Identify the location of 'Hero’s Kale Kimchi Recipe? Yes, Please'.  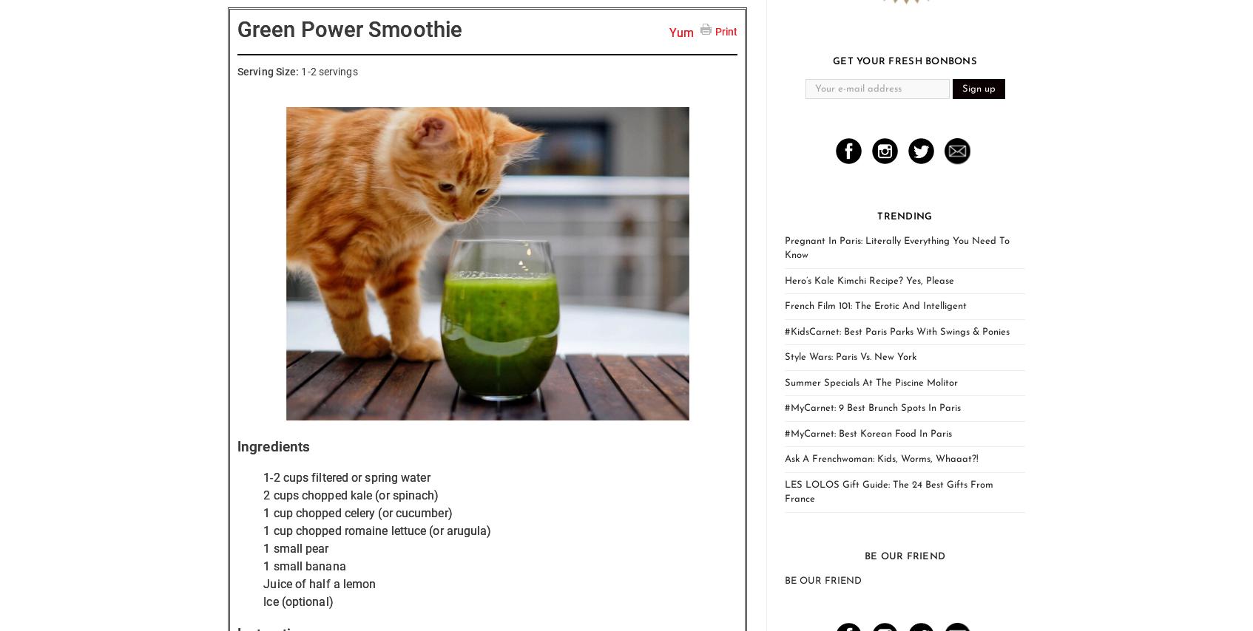
(869, 279).